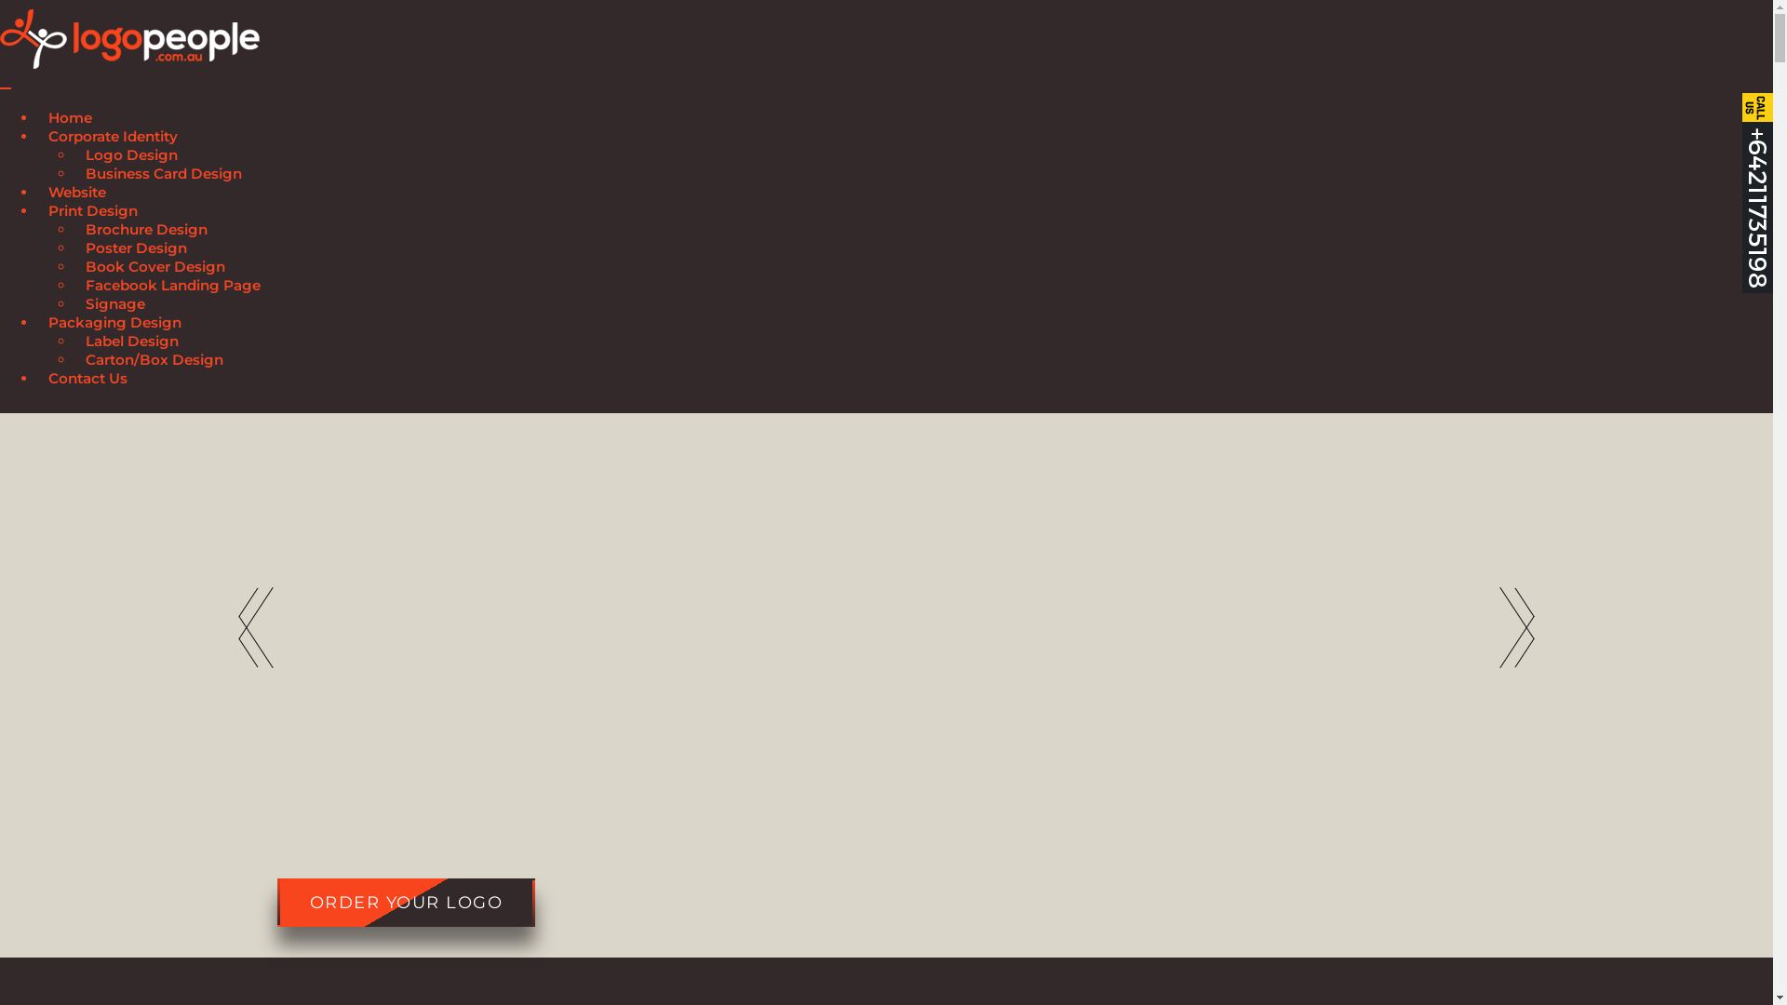  What do you see at coordinates (405, 901) in the screenshot?
I see `'ORDER YOUR LOGO'` at bounding box center [405, 901].